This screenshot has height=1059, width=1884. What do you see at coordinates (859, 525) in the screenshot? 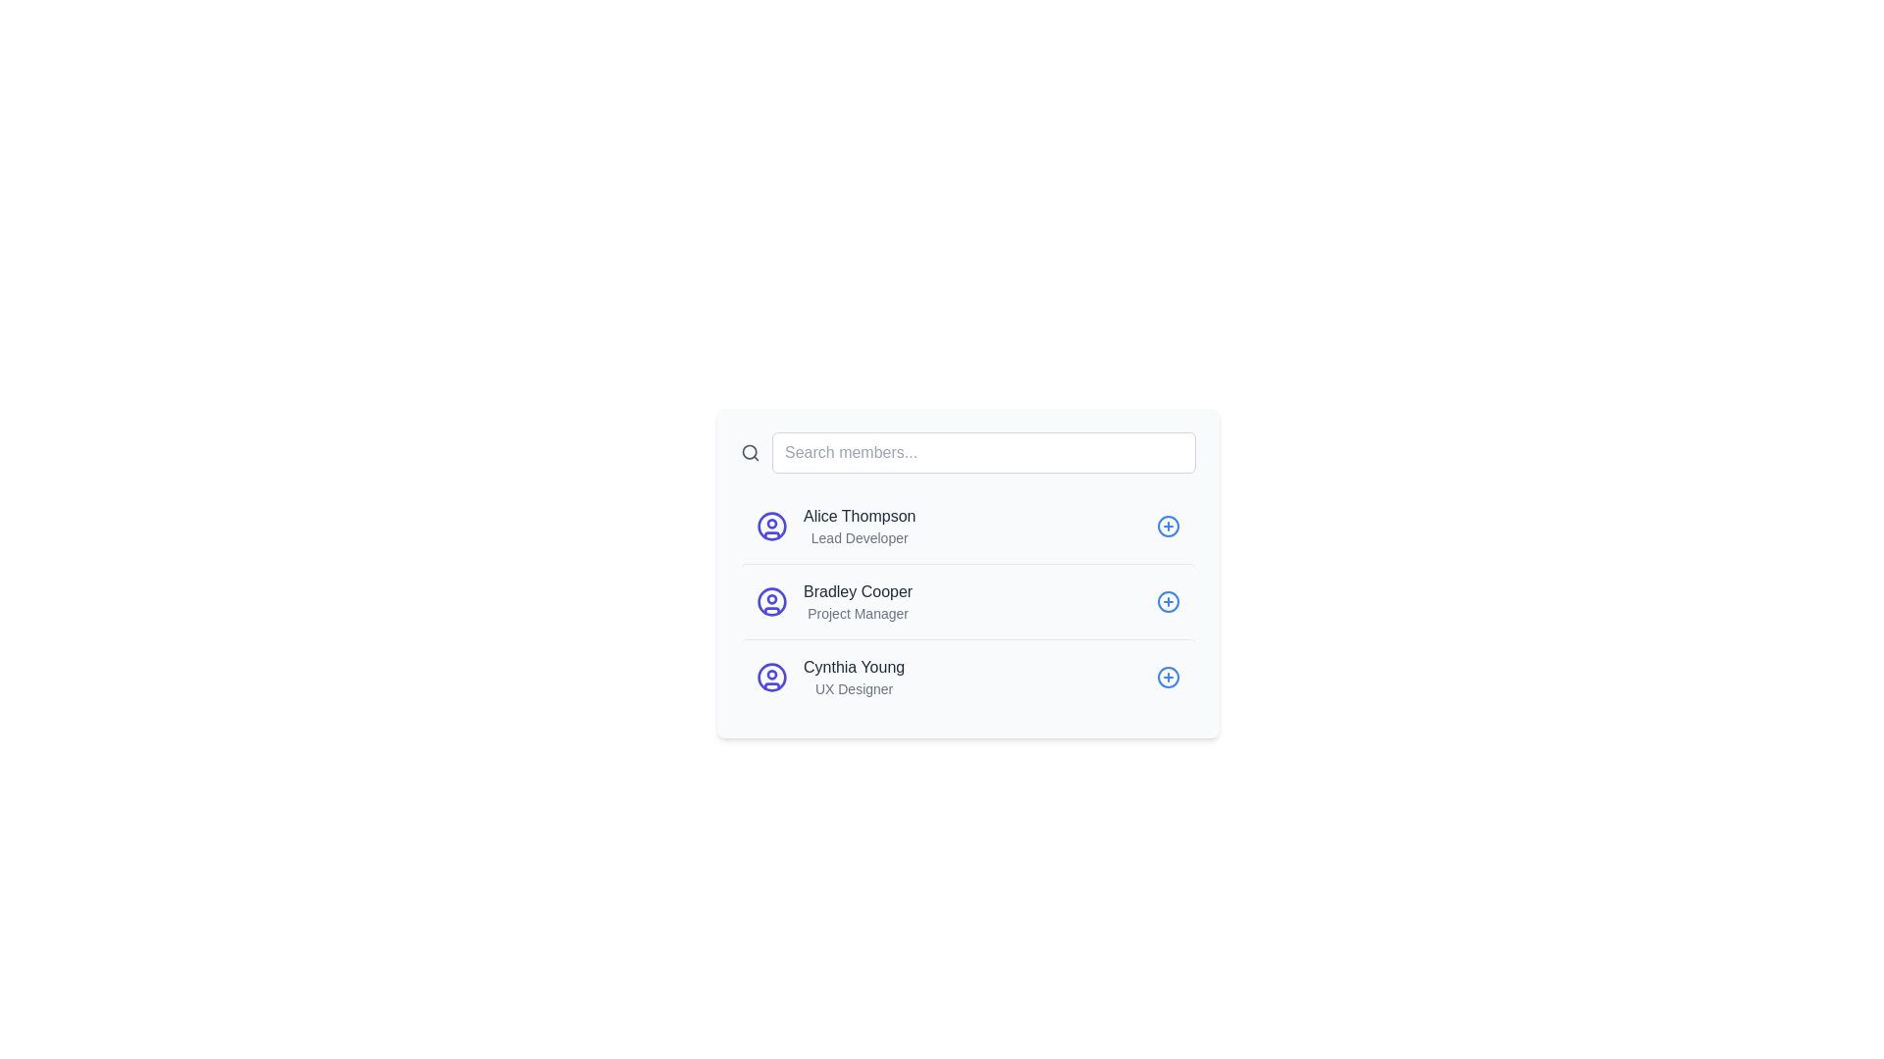
I see `the text display component showing 'Alice Thompson' and 'Lead Developer'` at bounding box center [859, 525].